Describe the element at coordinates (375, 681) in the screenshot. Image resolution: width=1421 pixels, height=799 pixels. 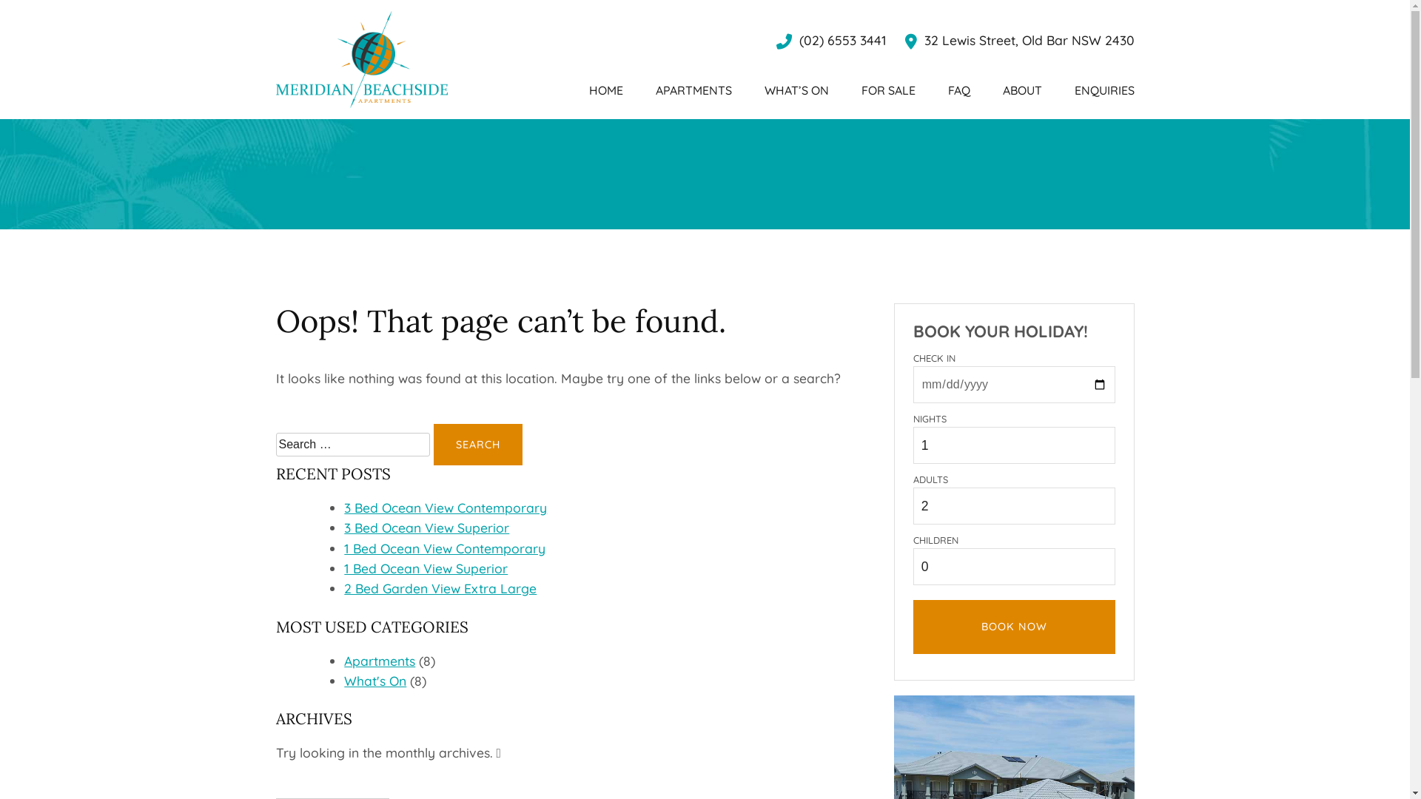
I see `'What's On'` at that location.